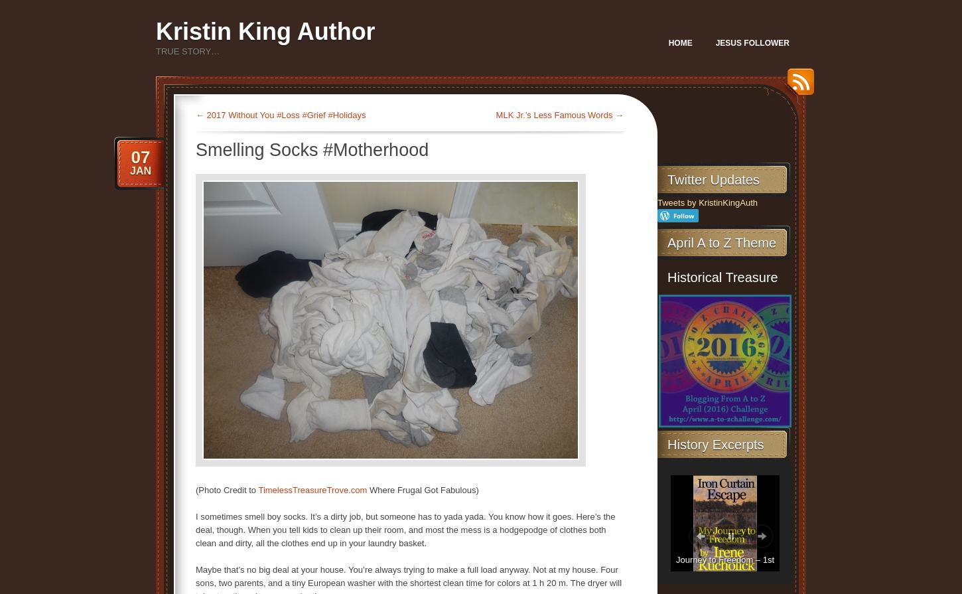  I want to click on 'Journey to Freedom – 1st Edition Cover of 3rd Memoir', so click(724, 567).